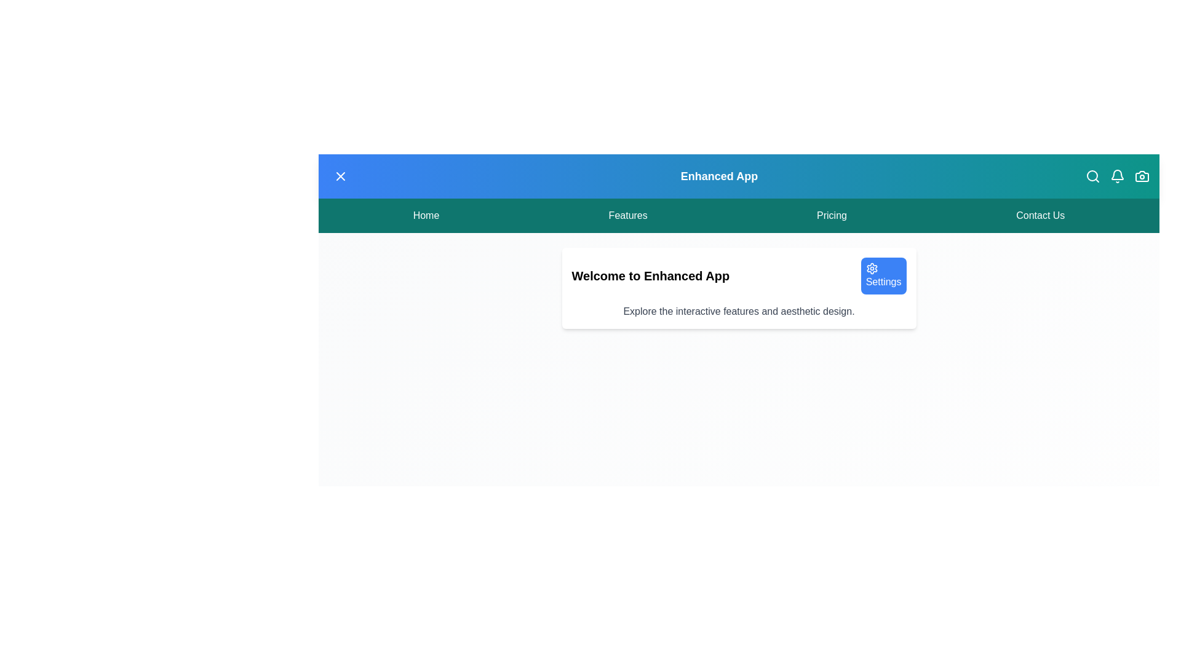 The height and width of the screenshot is (664, 1181). What do you see at coordinates (882, 275) in the screenshot?
I see `the settings button` at bounding box center [882, 275].